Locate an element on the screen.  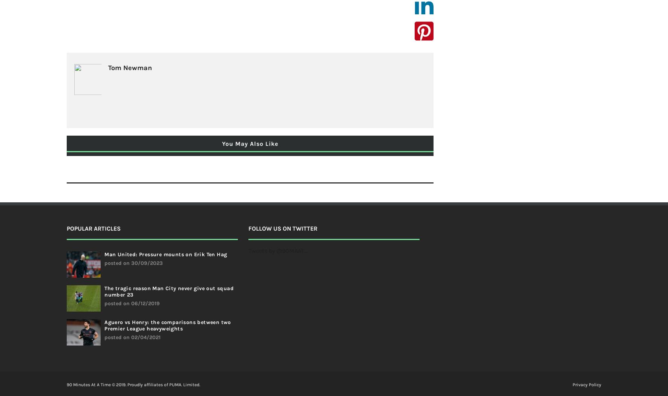
'Tweets by @90MAAT_' is located at coordinates (278, 251).